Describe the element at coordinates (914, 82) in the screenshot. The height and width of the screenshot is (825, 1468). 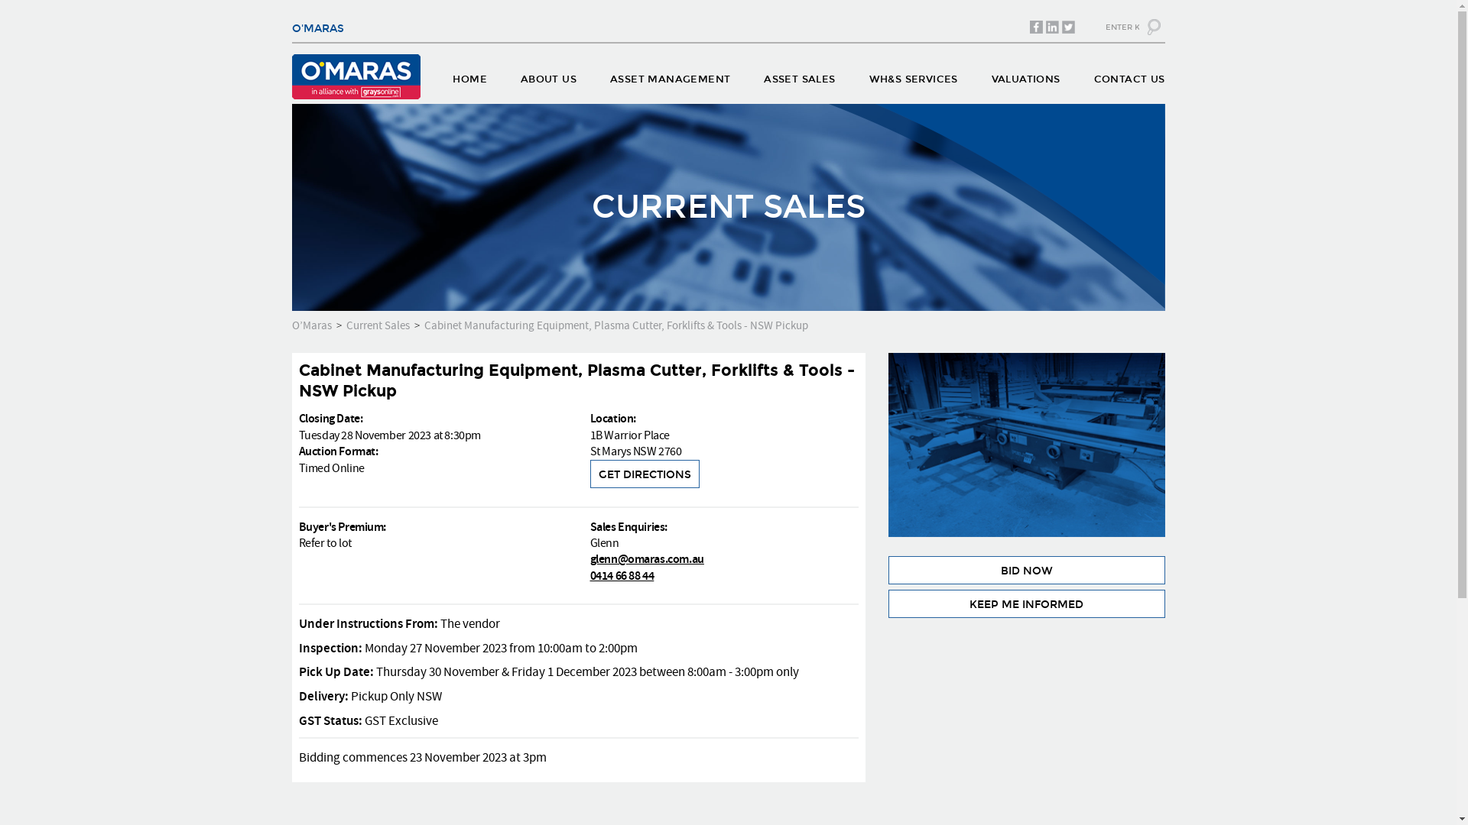
I see `'WH&S SERVICES'` at that location.